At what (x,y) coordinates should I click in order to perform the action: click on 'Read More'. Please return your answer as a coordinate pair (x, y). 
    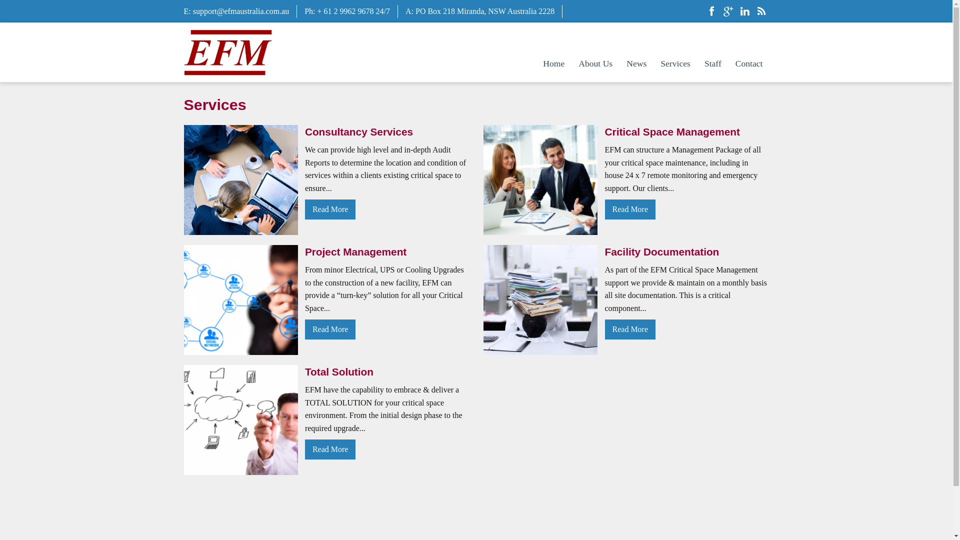
    Looking at the image, I should click on (330, 448).